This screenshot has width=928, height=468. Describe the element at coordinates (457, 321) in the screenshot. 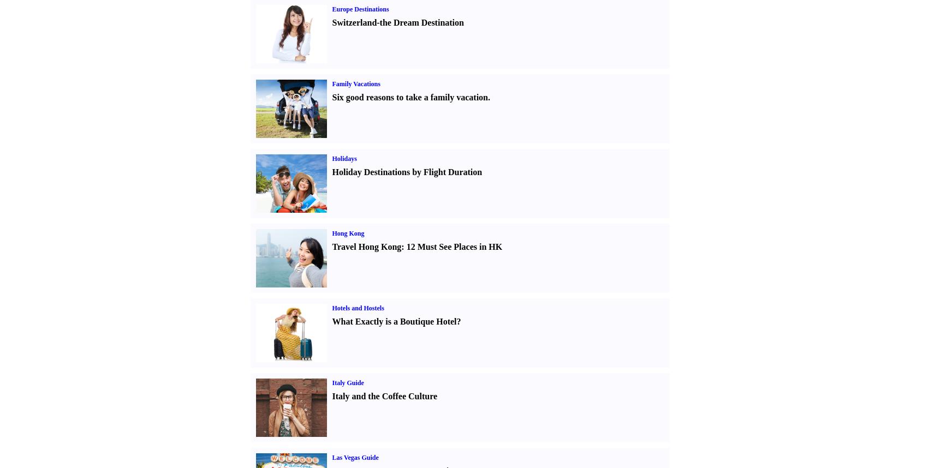

I see `'?'` at that location.